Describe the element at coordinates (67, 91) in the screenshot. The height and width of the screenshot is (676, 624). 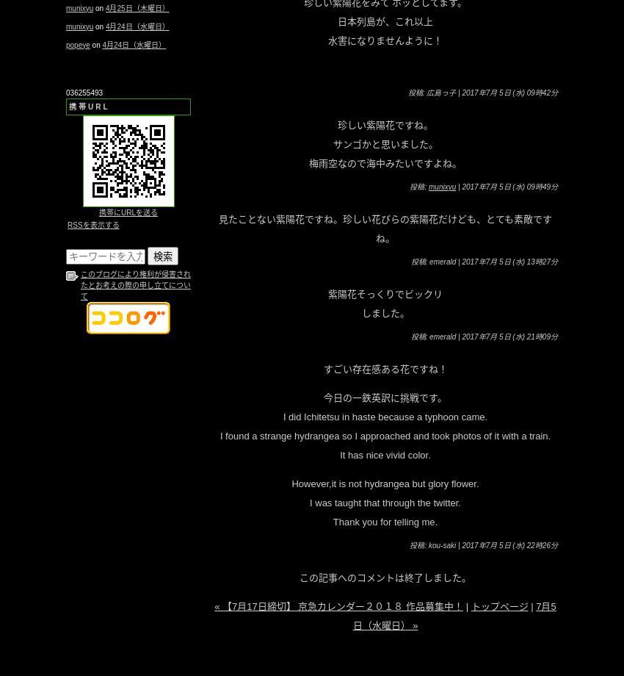
I see `'0'` at that location.